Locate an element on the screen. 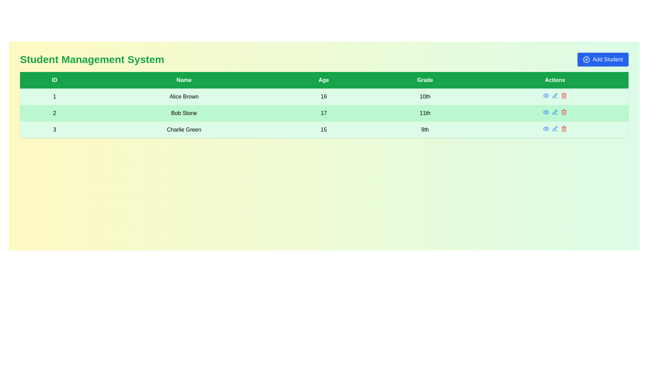 The width and height of the screenshot is (662, 372). the Table Header Cell labeled 'Actions', which is the fifth header in the table with a green background and white text is located at coordinates (555, 80).